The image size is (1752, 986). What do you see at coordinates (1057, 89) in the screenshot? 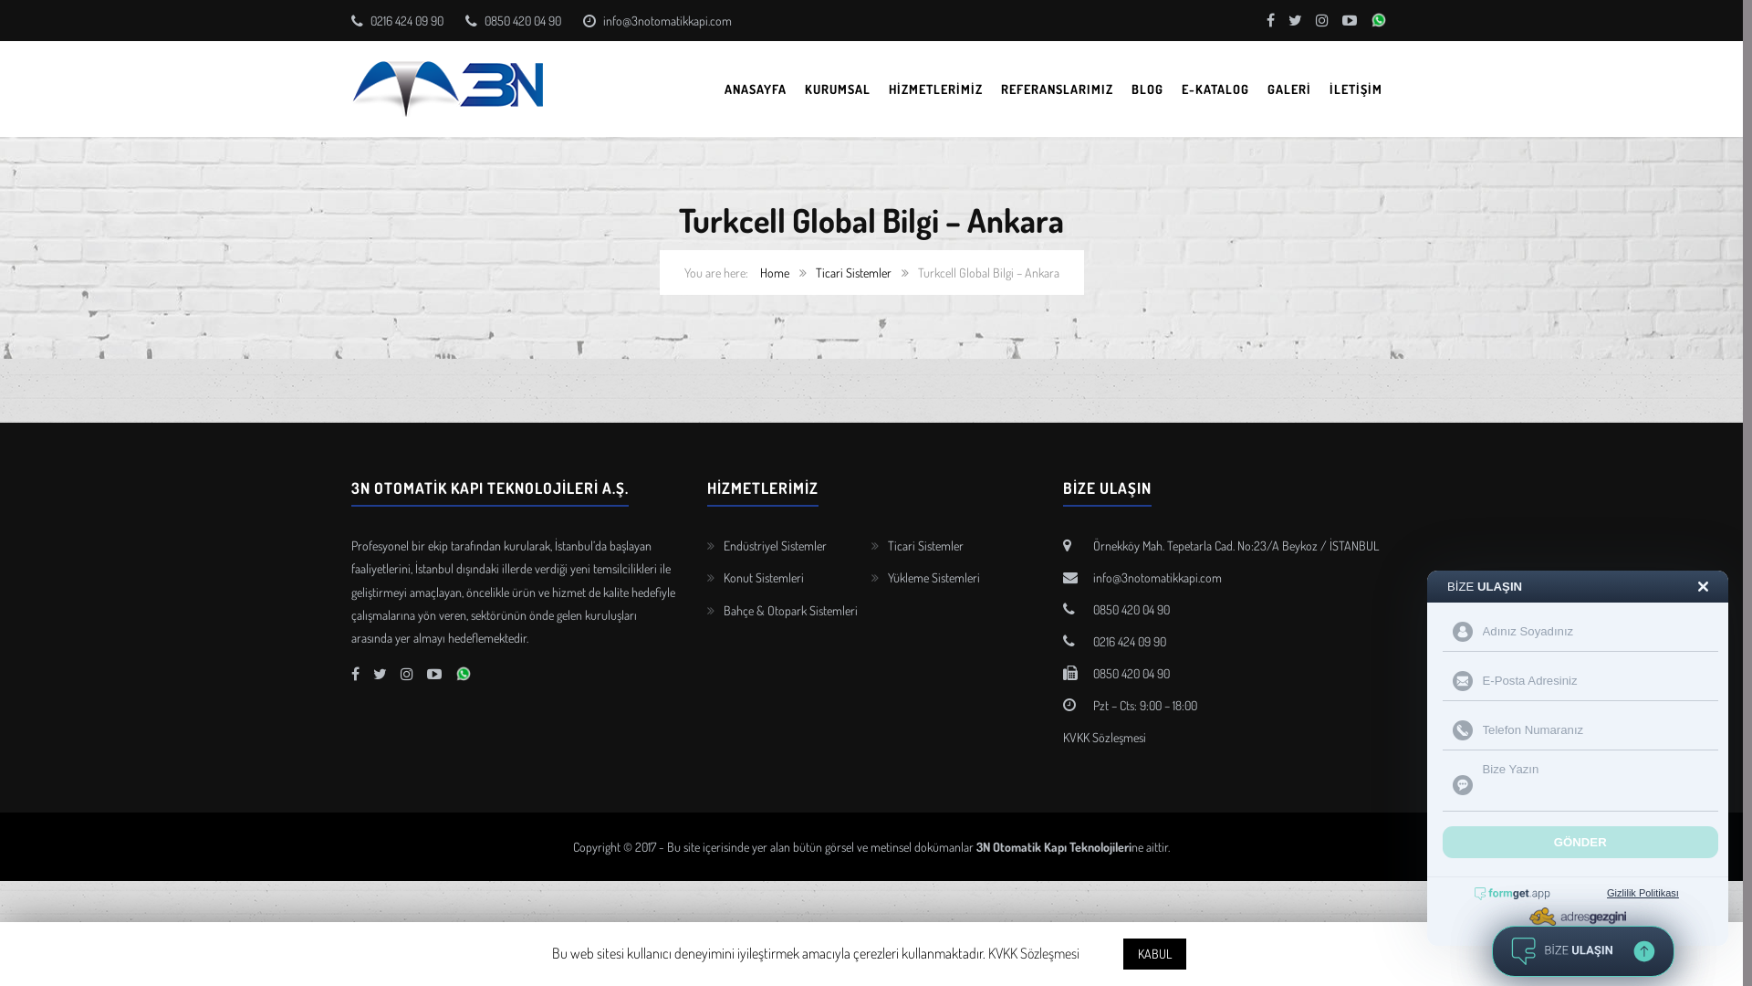
I see `'REFERANSLARIMIZ'` at bounding box center [1057, 89].